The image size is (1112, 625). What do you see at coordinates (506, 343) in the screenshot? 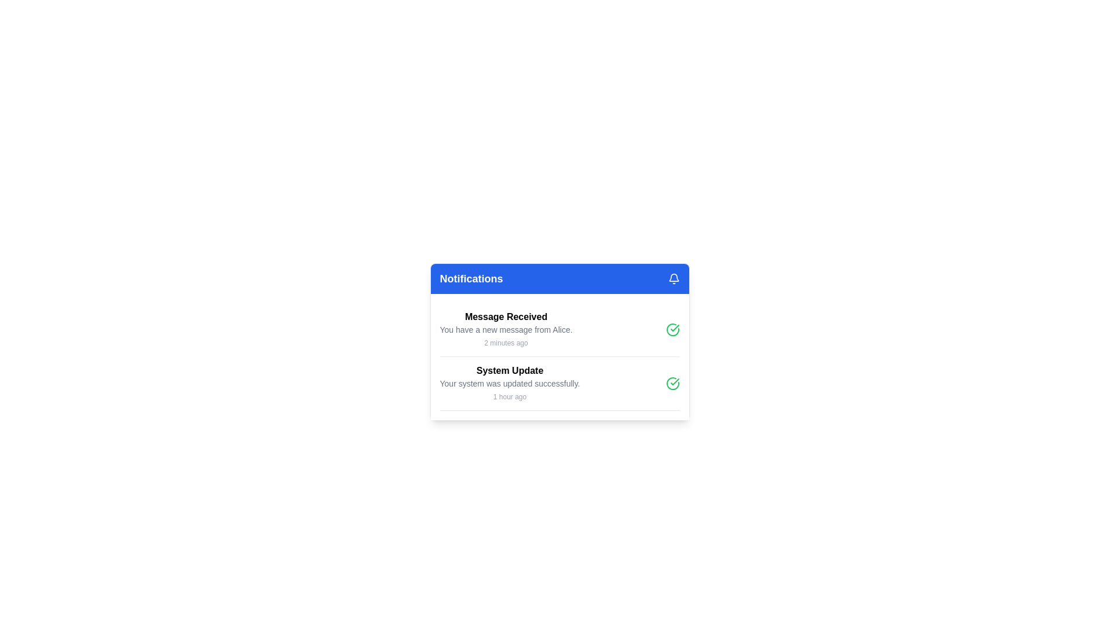
I see `the text label that reads '2 minutes ago', which is styled with gray color and located below the notification message 'Message Received'` at bounding box center [506, 343].